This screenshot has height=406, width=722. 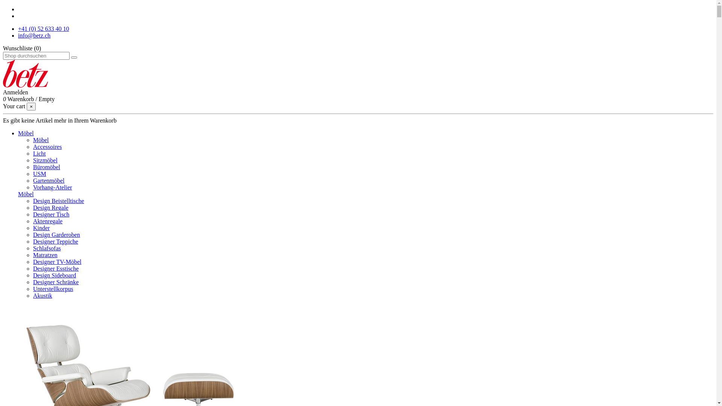 I want to click on 'Aktenregale', so click(x=47, y=221).